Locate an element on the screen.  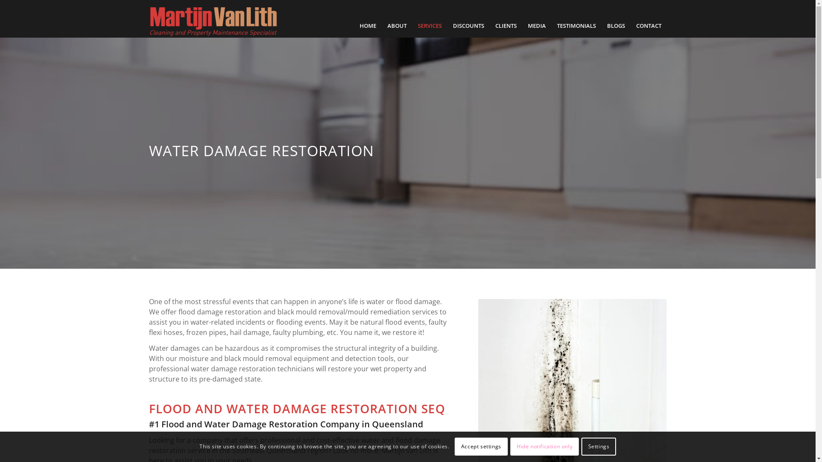
'DISCOUNTS' is located at coordinates (468, 25).